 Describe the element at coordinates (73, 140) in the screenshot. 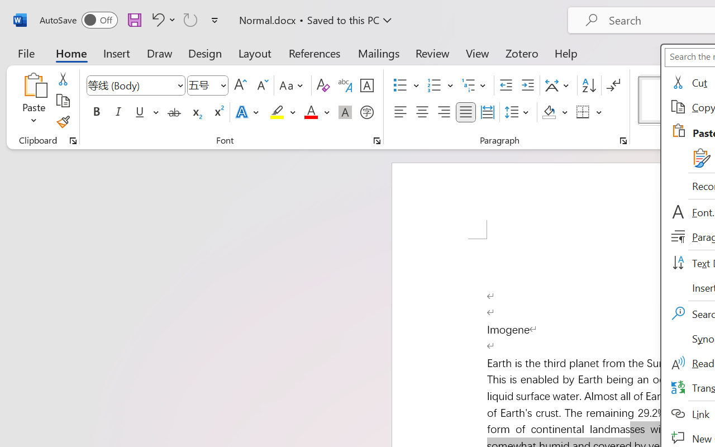

I see `'Office Clipboard...'` at that location.